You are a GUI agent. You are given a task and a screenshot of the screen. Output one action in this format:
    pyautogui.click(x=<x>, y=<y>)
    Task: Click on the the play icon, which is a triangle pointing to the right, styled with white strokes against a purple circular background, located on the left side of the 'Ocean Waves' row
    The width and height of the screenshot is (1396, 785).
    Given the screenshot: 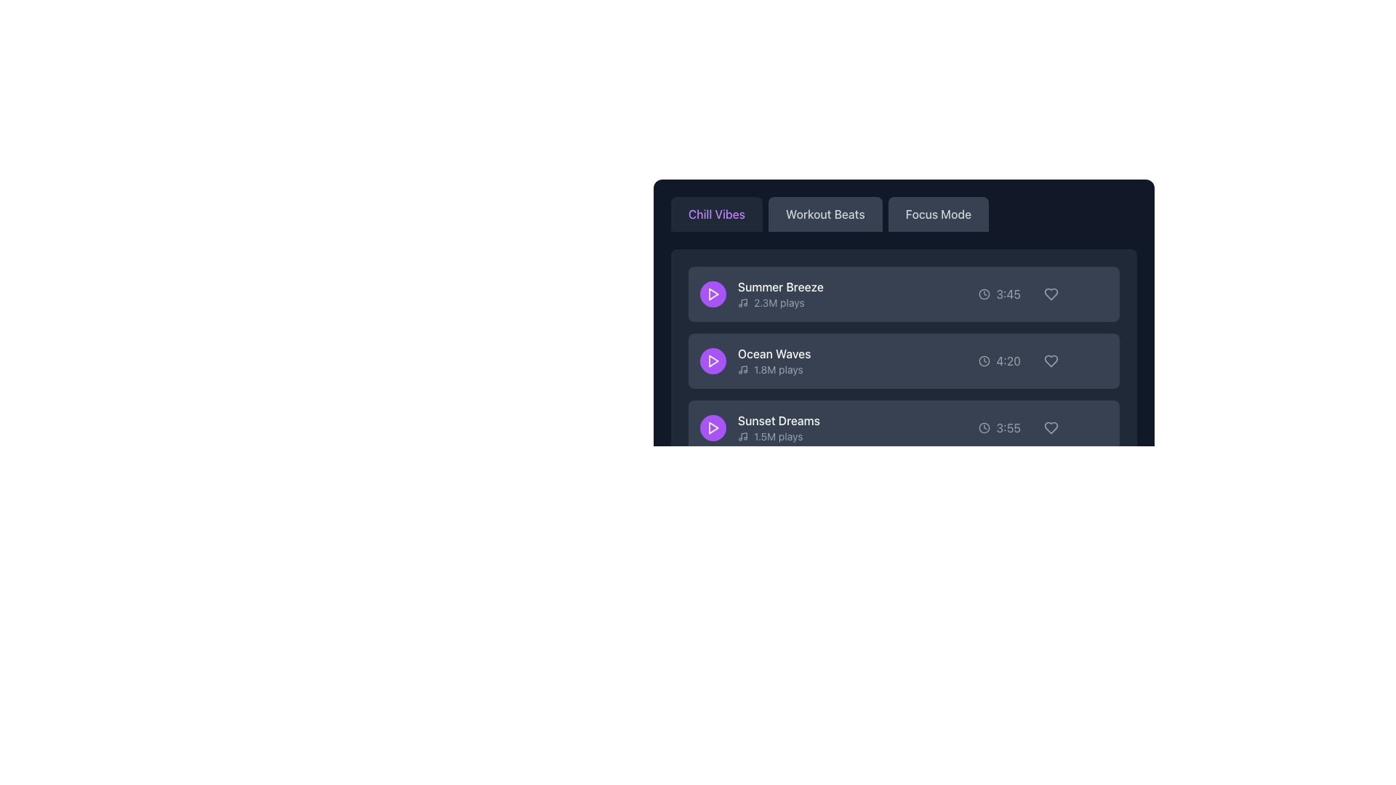 What is the action you would take?
    pyautogui.click(x=713, y=361)
    